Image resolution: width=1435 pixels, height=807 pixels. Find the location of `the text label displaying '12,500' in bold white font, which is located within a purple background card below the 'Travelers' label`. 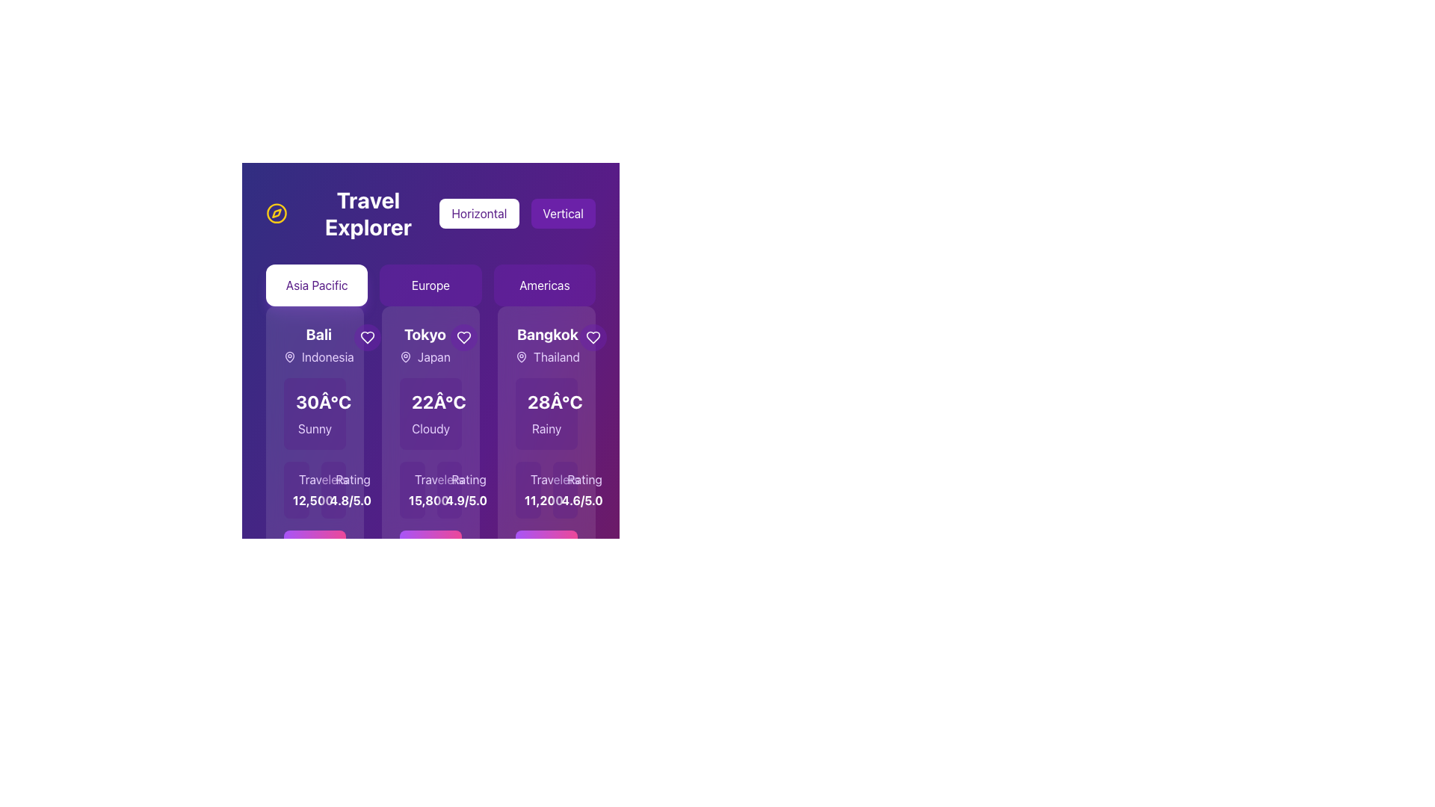

the text label displaying '12,500' in bold white font, which is located within a purple background card below the 'Travelers' label is located at coordinates (296, 501).